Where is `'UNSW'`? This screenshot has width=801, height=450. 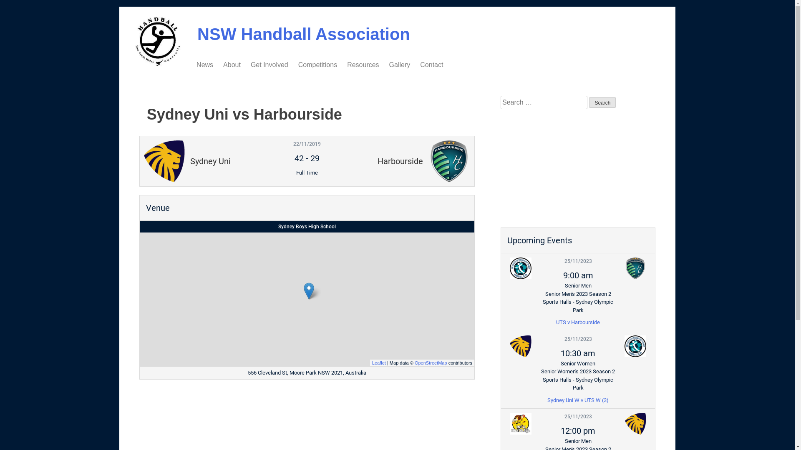 'UNSW' is located at coordinates (520, 424).